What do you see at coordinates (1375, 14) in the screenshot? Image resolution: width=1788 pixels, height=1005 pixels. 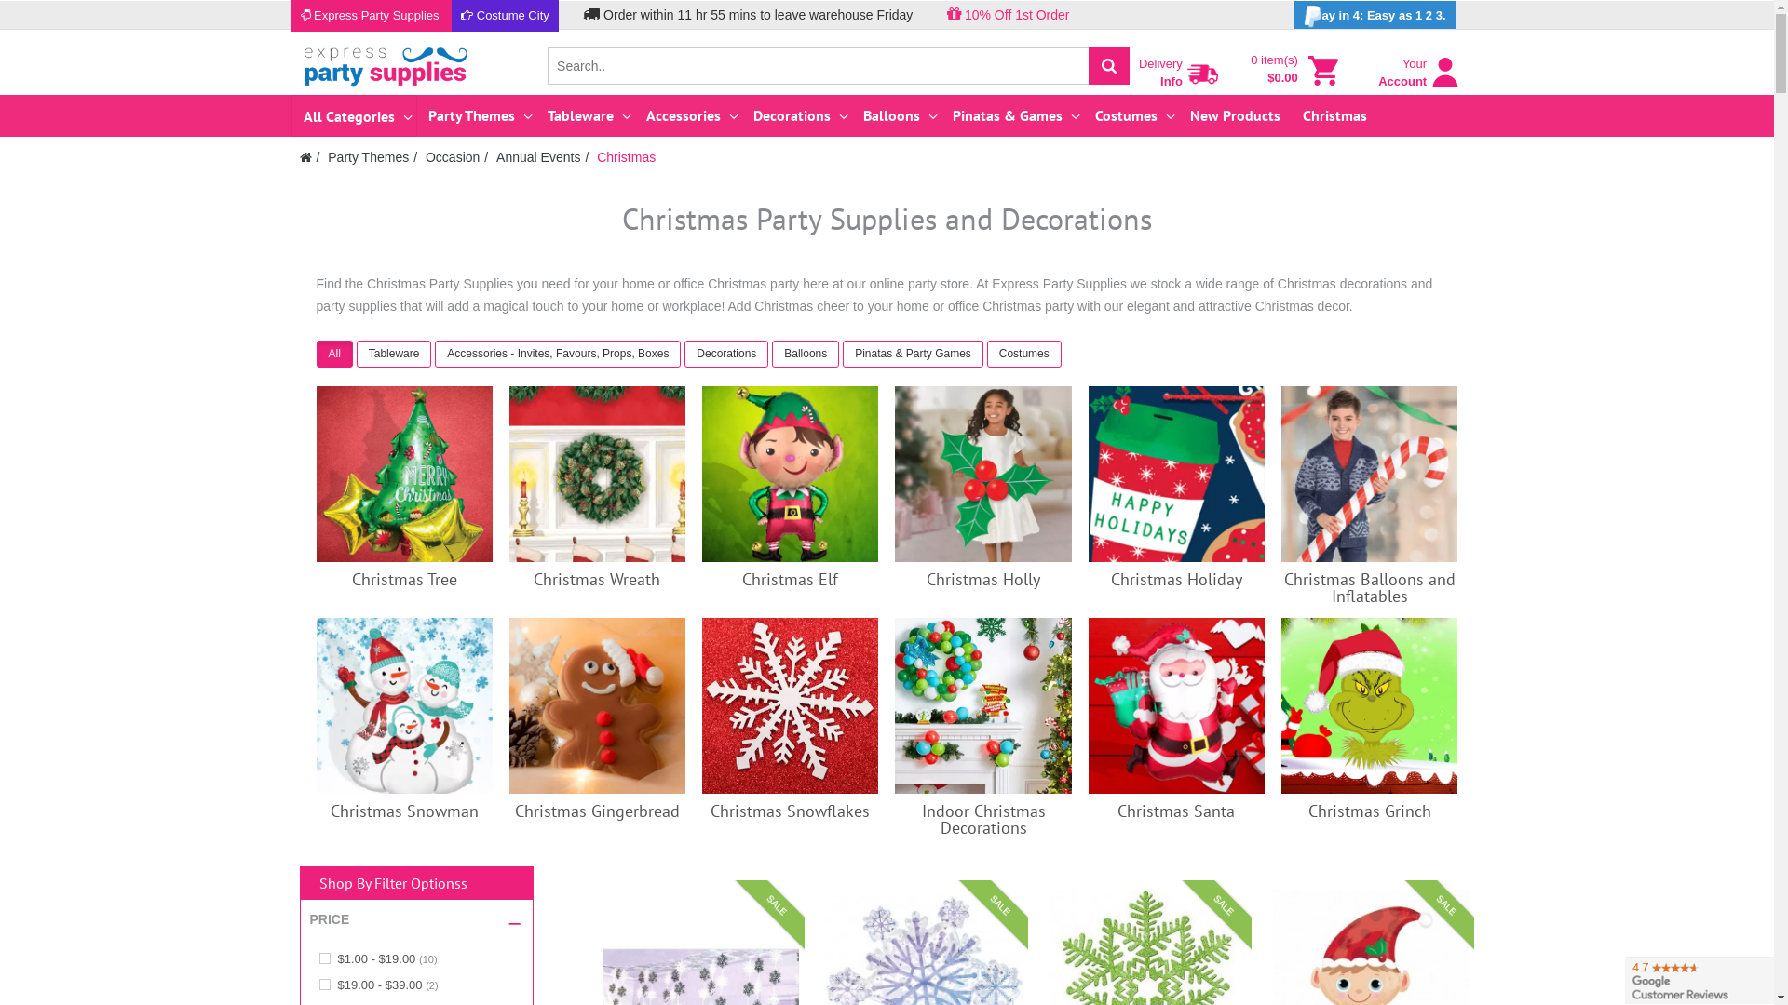 I see `'ay in 4: Easy as 1 2 3.'` at bounding box center [1375, 14].